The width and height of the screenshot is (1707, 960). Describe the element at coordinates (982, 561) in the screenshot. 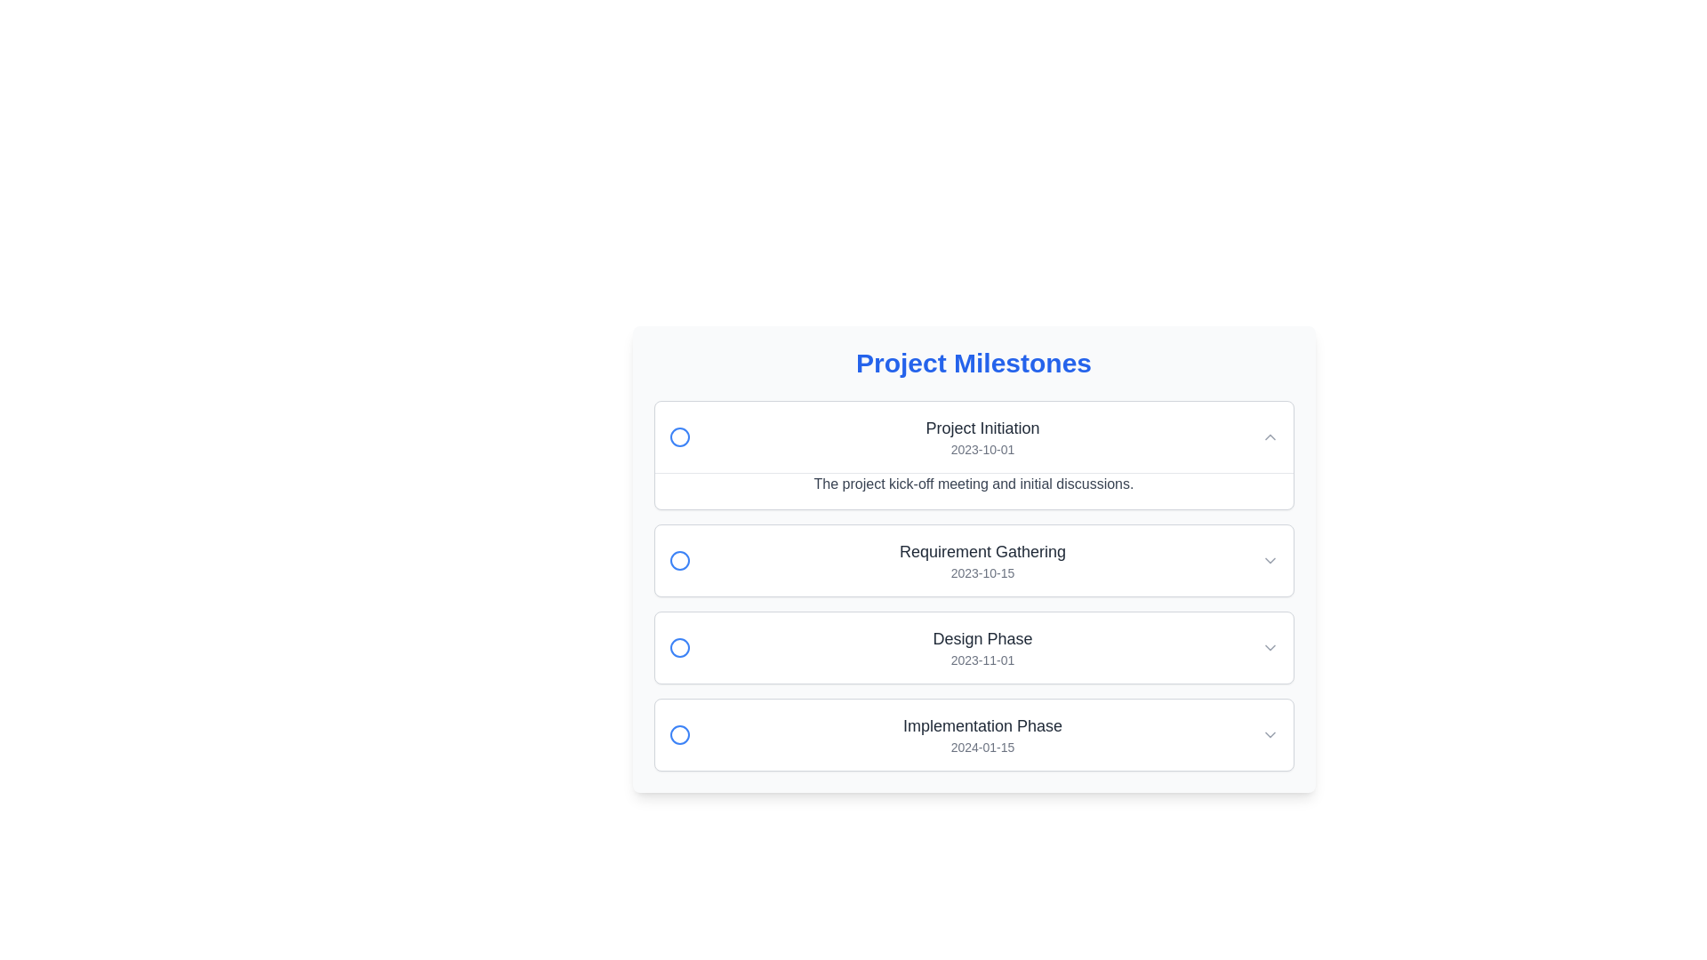

I see `the 'Requirement Gathering' phase descriptor in the 'Project Milestones' section` at that location.